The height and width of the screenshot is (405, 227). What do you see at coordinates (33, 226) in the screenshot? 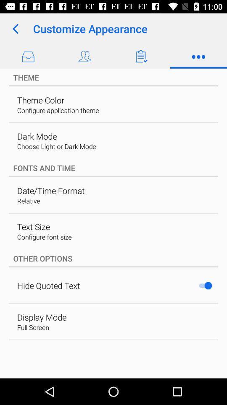
I see `the text size item` at bounding box center [33, 226].